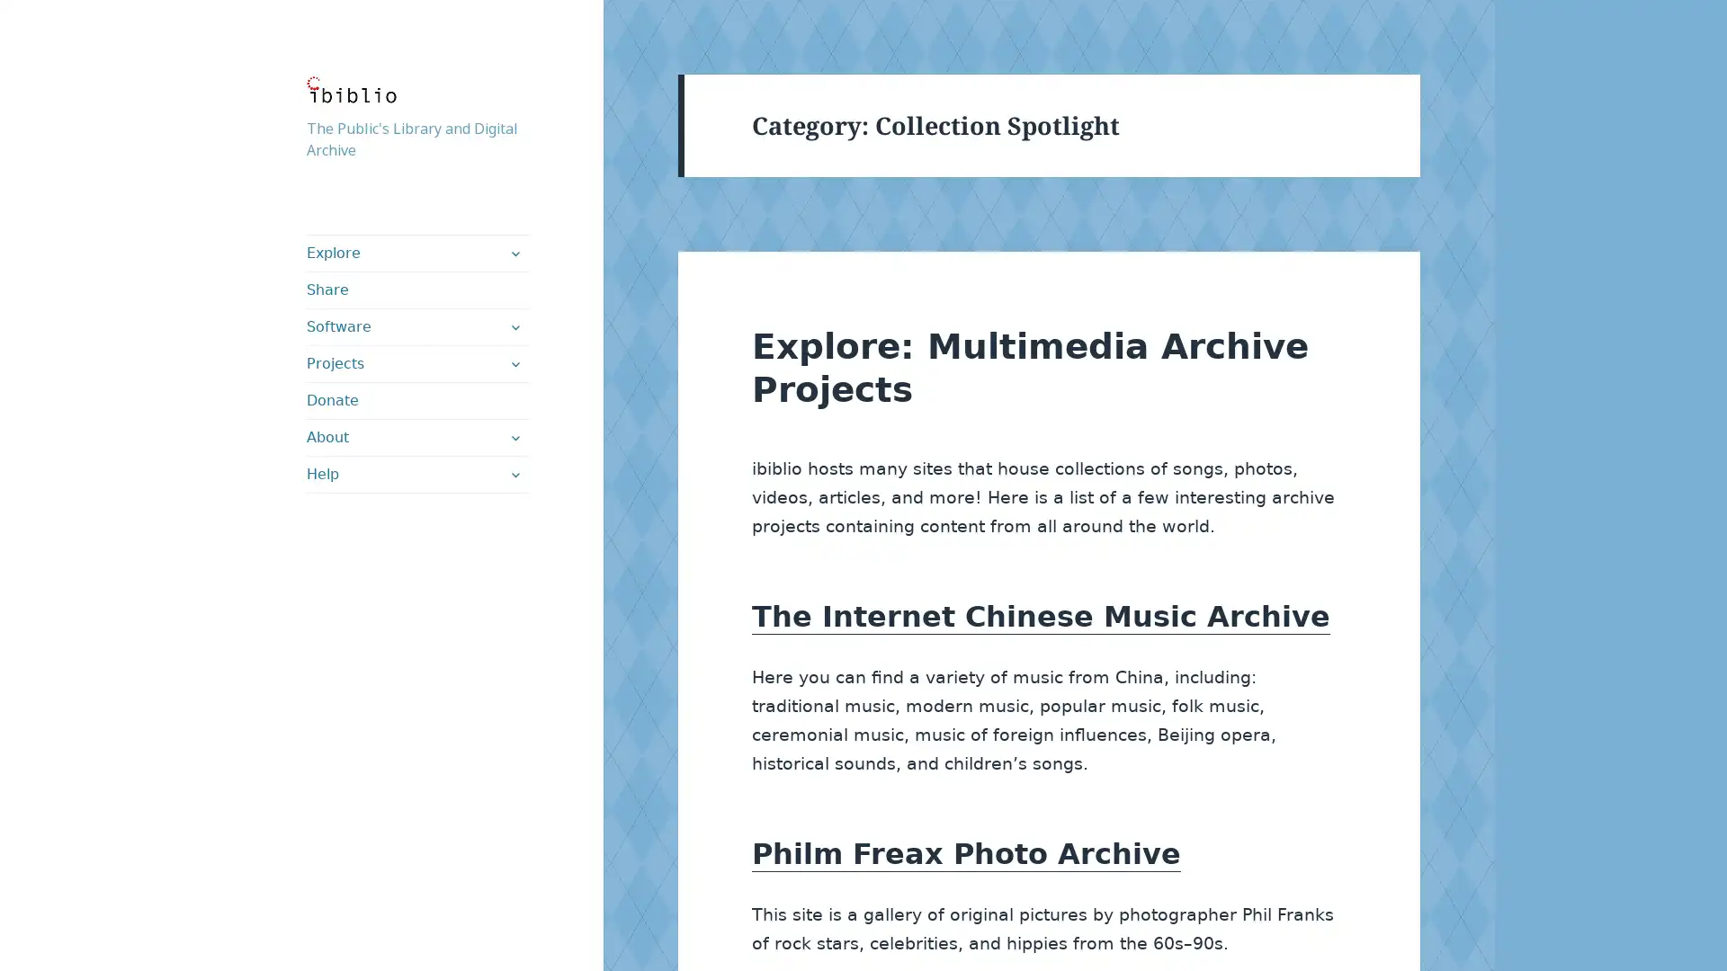  I want to click on expand child menu, so click(513, 474).